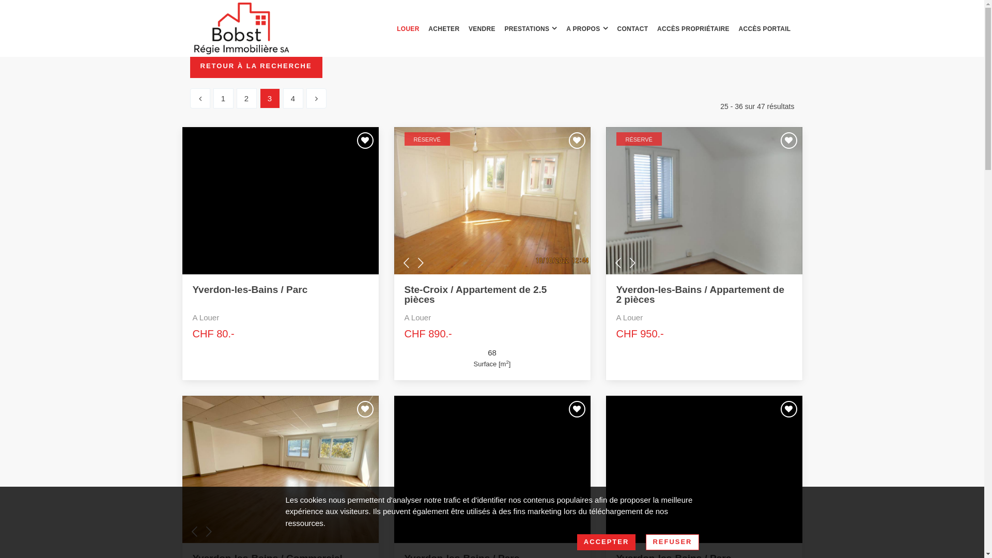 The width and height of the screenshot is (992, 558). What do you see at coordinates (444, 28) in the screenshot?
I see `'ACHETER'` at bounding box center [444, 28].